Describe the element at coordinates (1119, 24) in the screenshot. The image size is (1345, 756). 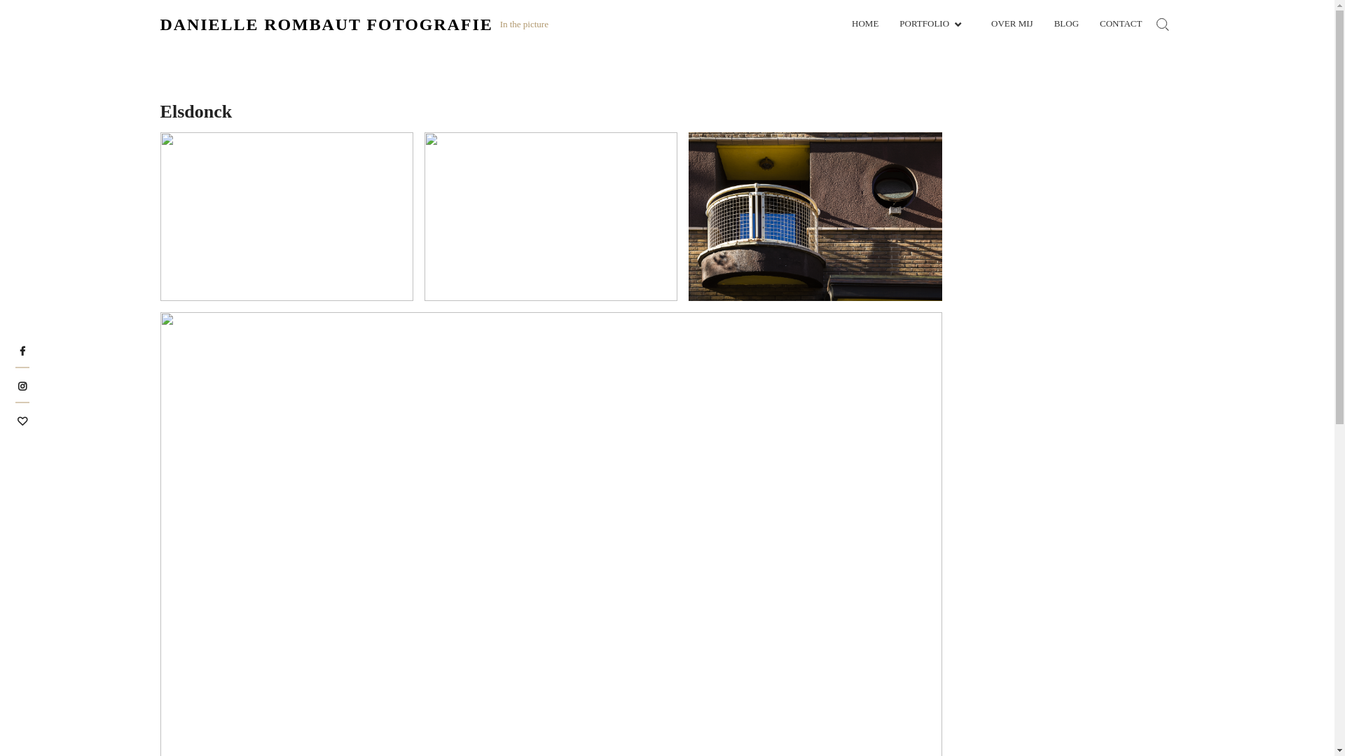
I see `'CONTACT'` at that location.